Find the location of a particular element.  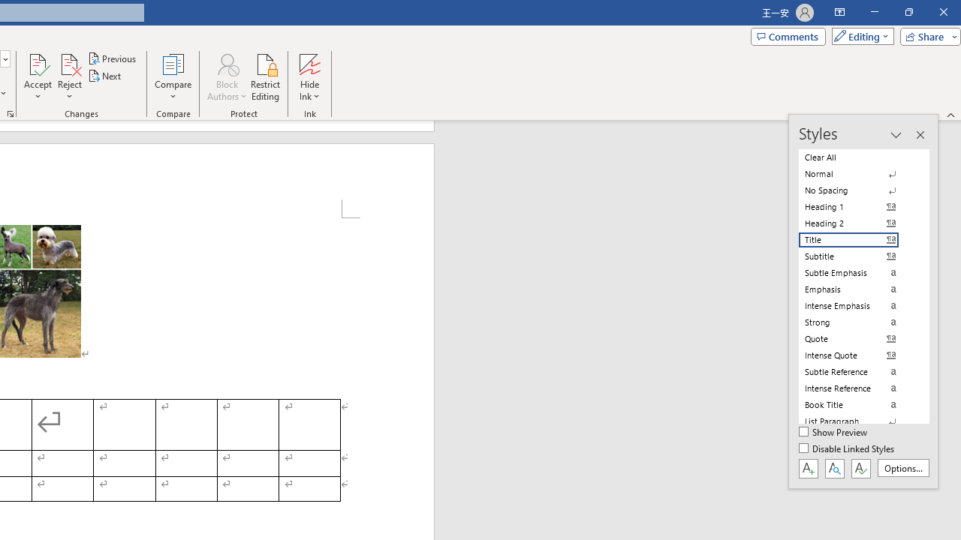

'Next' is located at coordinates (104, 76).